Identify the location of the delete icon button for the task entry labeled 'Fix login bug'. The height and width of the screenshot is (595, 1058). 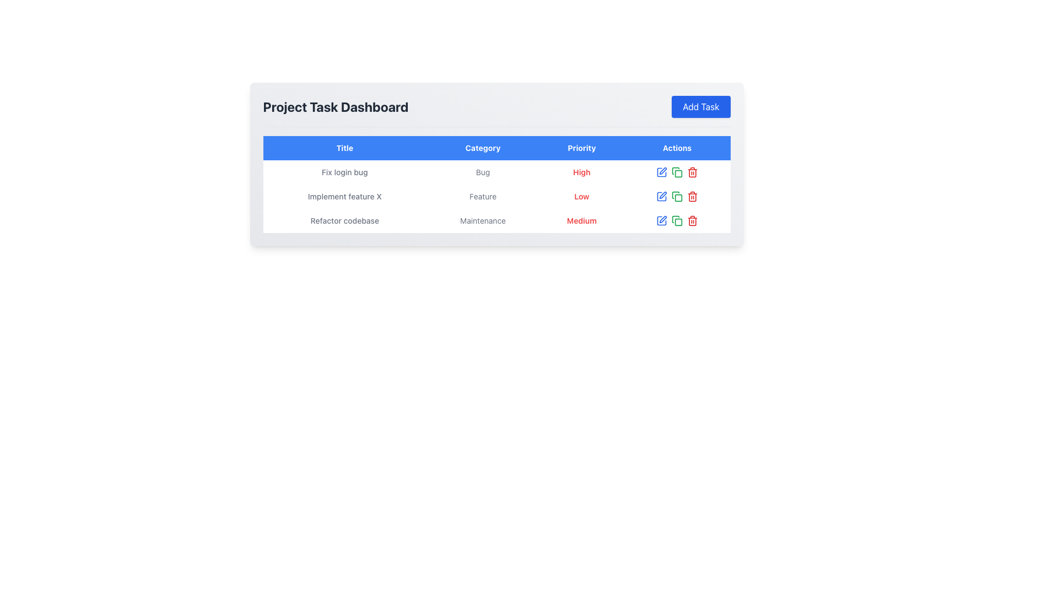
(692, 172).